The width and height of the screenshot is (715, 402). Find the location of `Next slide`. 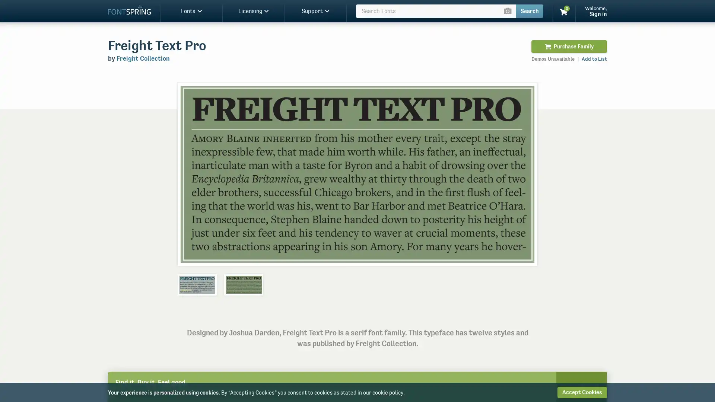

Next slide is located at coordinates (523, 174).